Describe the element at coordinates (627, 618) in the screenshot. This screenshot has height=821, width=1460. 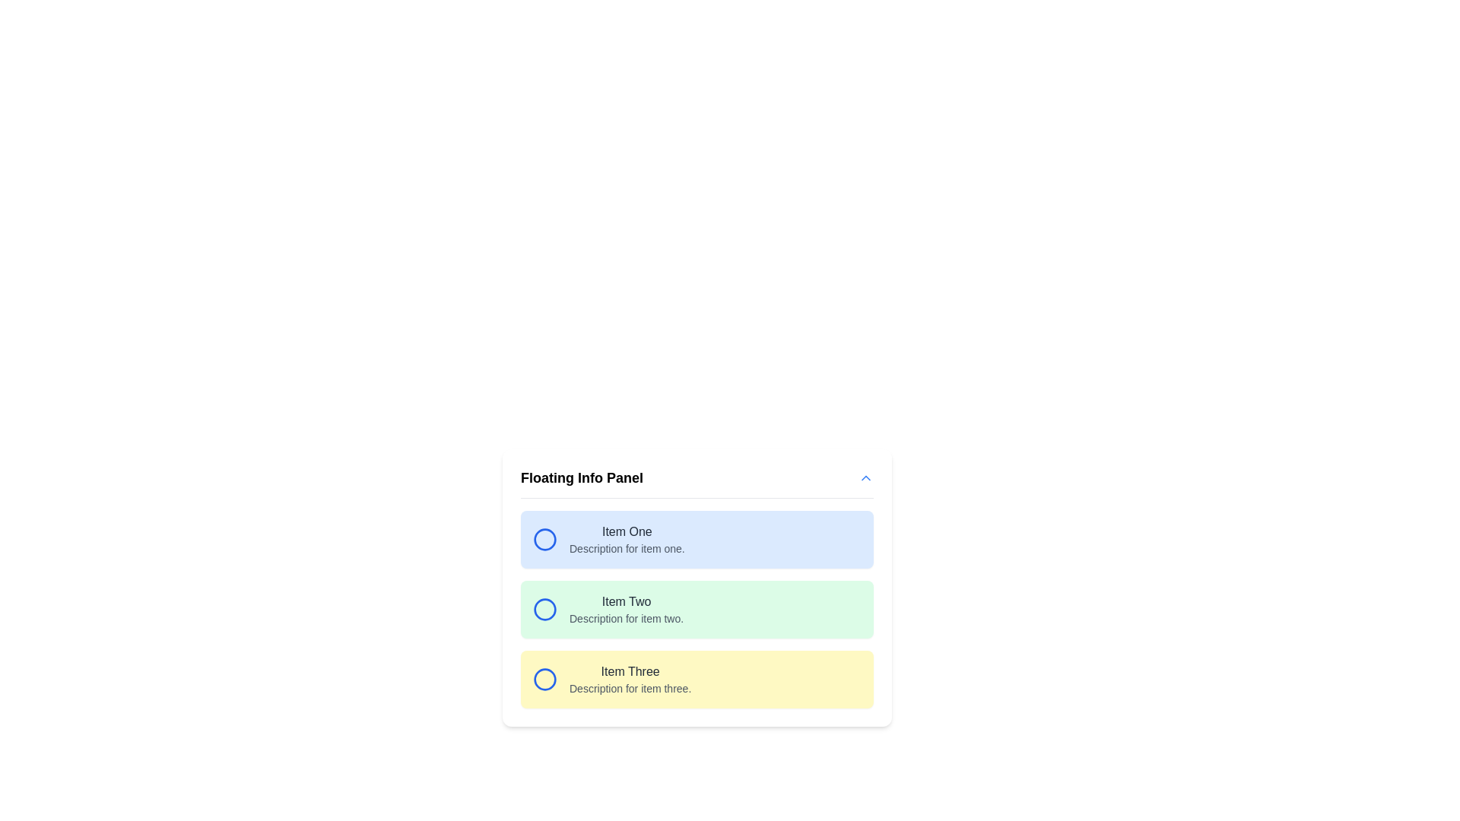
I see `the text label displaying 'Description for item two.' located beneath the main heading 'Item Two' in the green background area of the 'Floating Info Panel'` at that location.